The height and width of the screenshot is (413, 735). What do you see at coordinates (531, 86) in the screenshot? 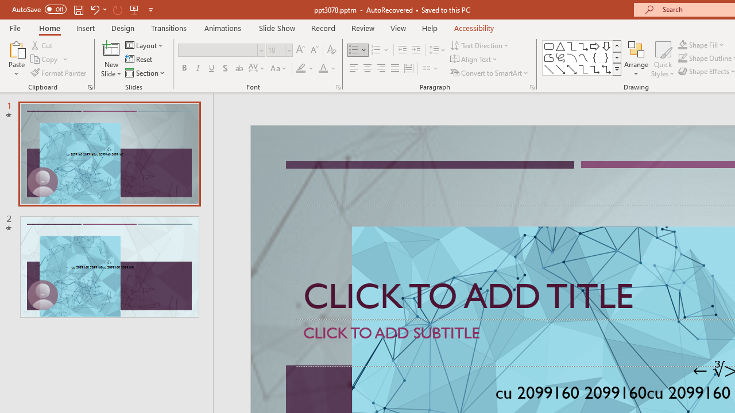
I see `'Paragraph...'` at bounding box center [531, 86].